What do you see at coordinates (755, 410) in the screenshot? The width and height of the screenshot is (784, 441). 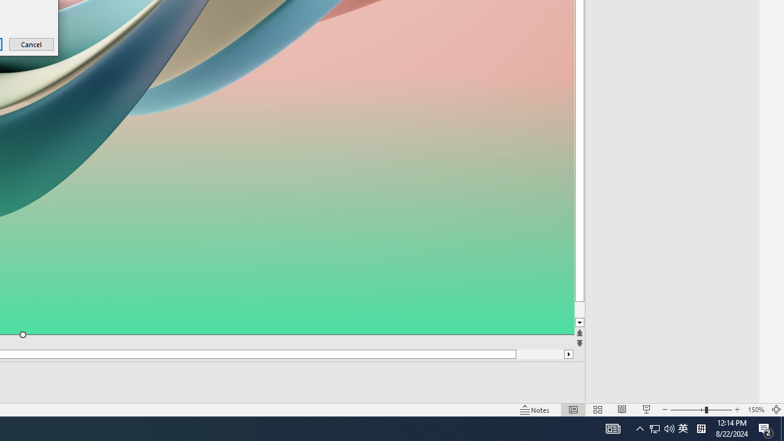 I see `'Zoom 150%'` at bounding box center [755, 410].